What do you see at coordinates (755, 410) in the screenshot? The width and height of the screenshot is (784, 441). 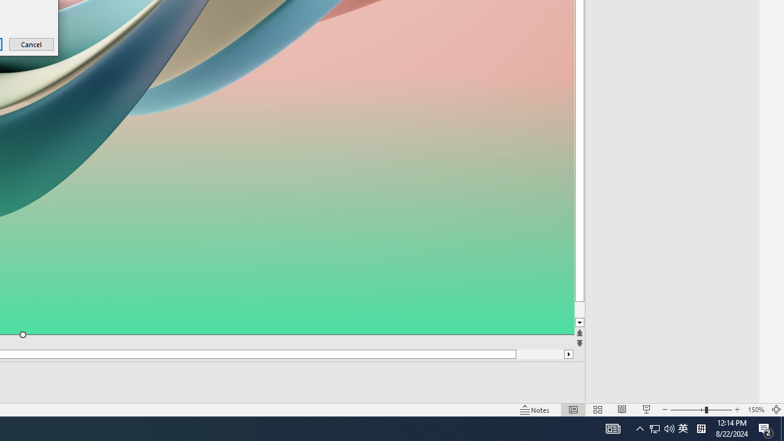 I see `'Zoom 150%'` at bounding box center [755, 410].